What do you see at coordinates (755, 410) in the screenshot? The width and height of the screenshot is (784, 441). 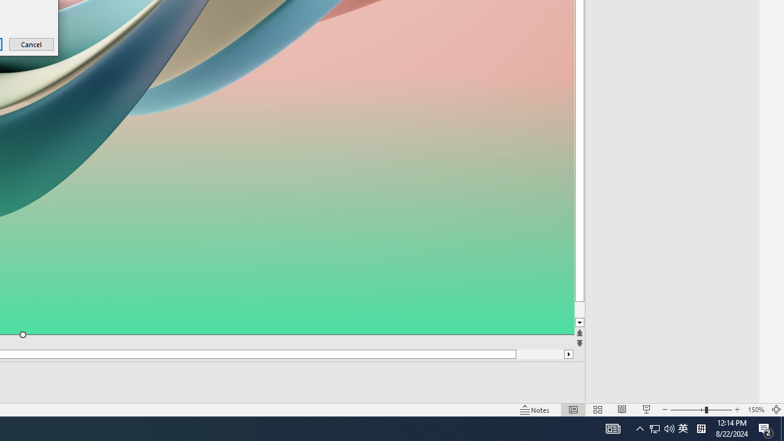 I see `'Zoom 150%'` at bounding box center [755, 410].